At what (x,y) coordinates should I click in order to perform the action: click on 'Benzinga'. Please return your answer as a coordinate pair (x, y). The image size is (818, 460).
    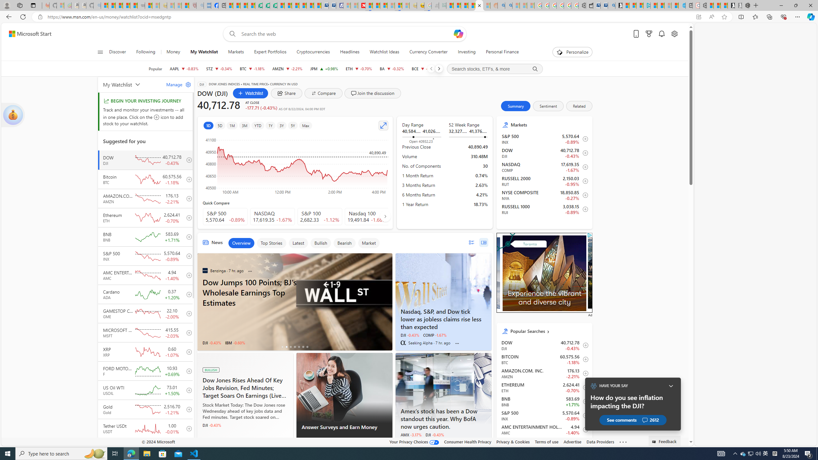
    Looking at the image, I should click on (204, 270).